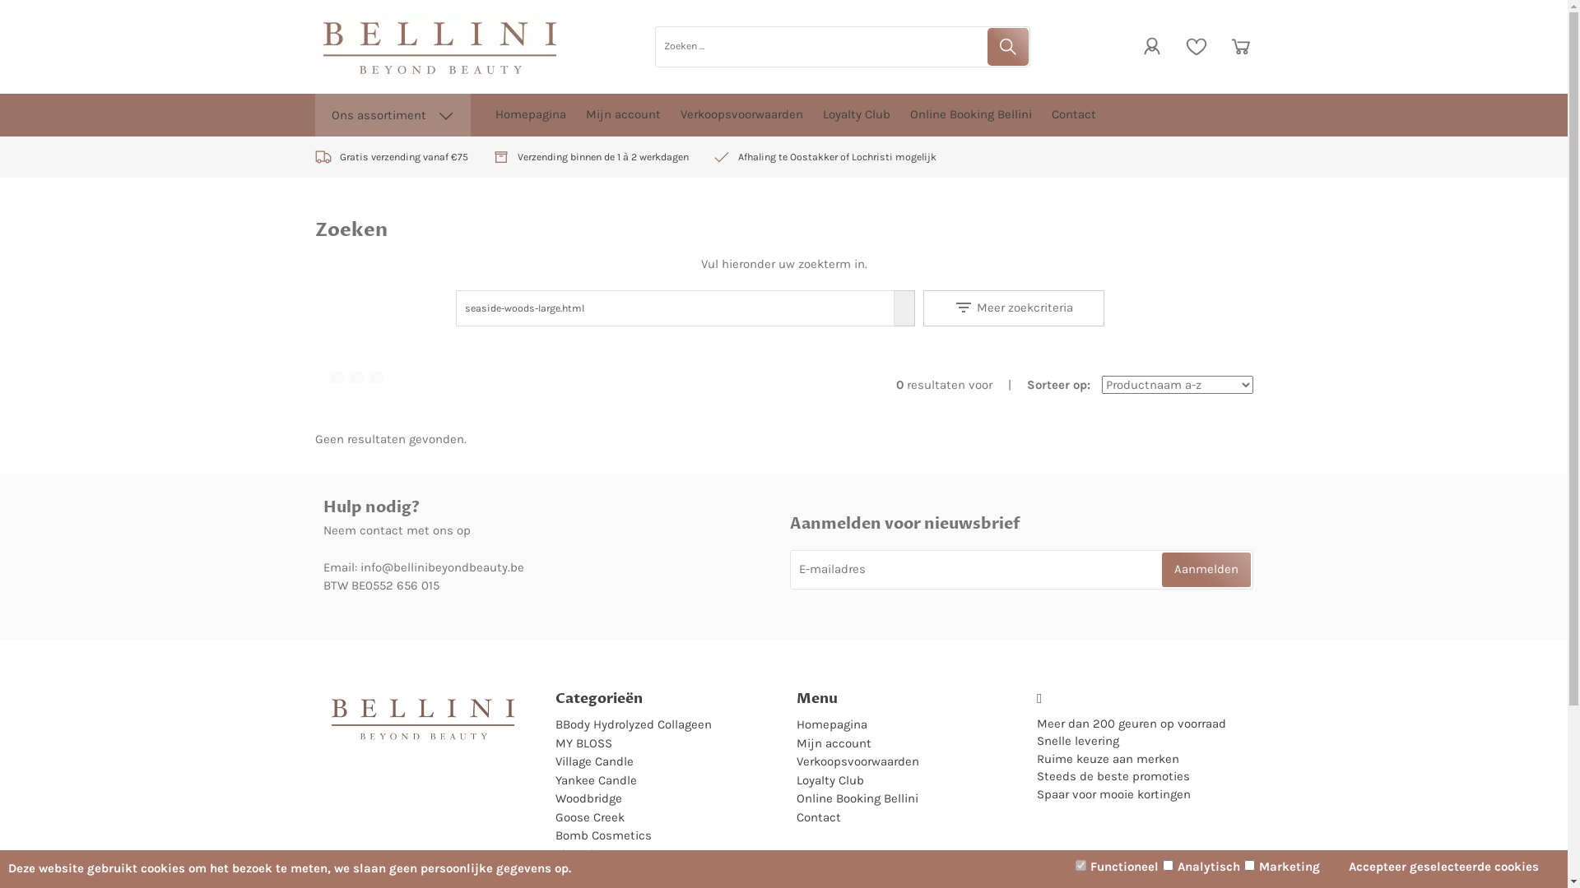  I want to click on 'MY BLOSS', so click(583, 742).